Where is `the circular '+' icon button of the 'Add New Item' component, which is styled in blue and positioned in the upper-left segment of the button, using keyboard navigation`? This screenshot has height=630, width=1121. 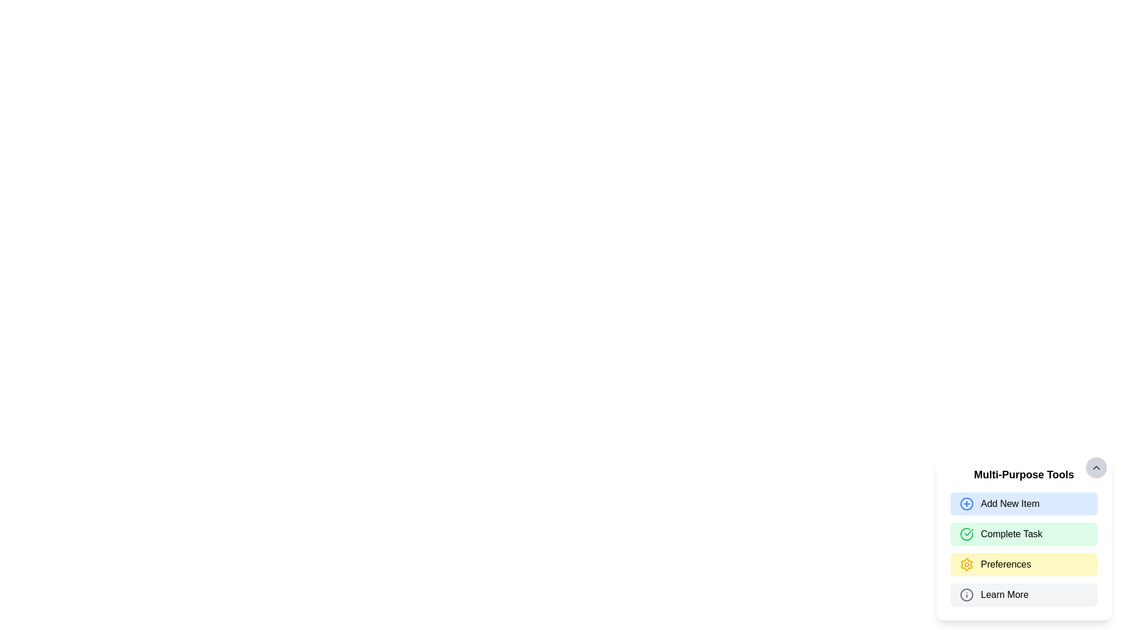 the circular '+' icon button of the 'Add New Item' component, which is styled in blue and positioned in the upper-left segment of the button, using keyboard navigation is located at coordinates (967, 503).